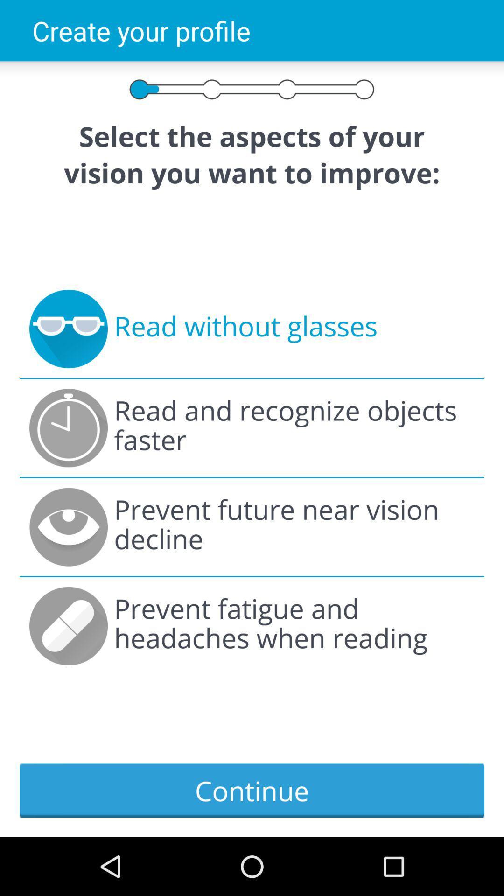 The height and width of the screenshot is (896, 504). What do you see at coordinates (294, 527) in the screenshot?
I see `prevent future near` at bounding box center [294, 527].